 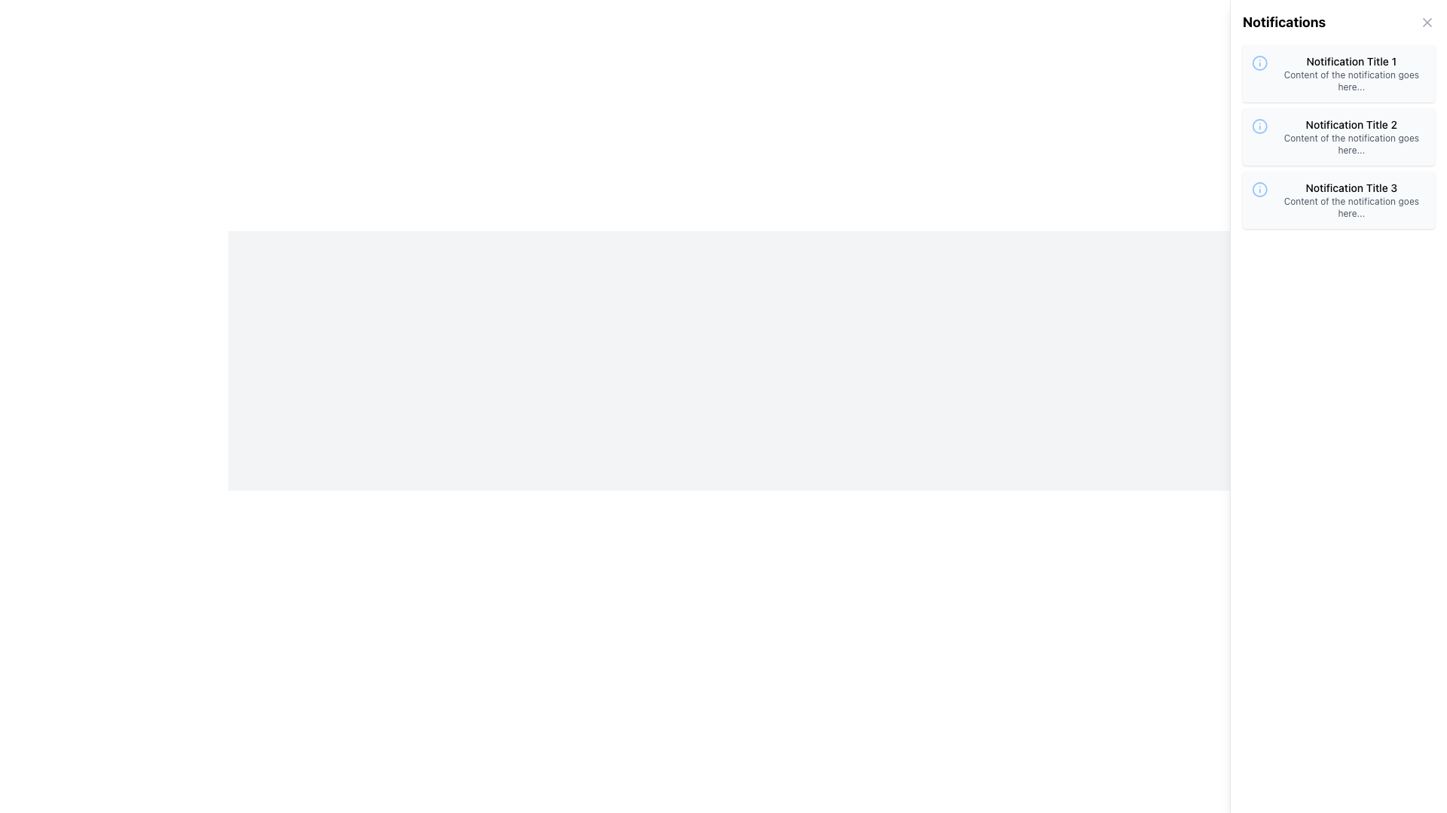 I want to click on the notification with title 'Notification Title 2' and subtitle 'Content of the notification goes here...' to interact with it, so click(x=1351, y=136).